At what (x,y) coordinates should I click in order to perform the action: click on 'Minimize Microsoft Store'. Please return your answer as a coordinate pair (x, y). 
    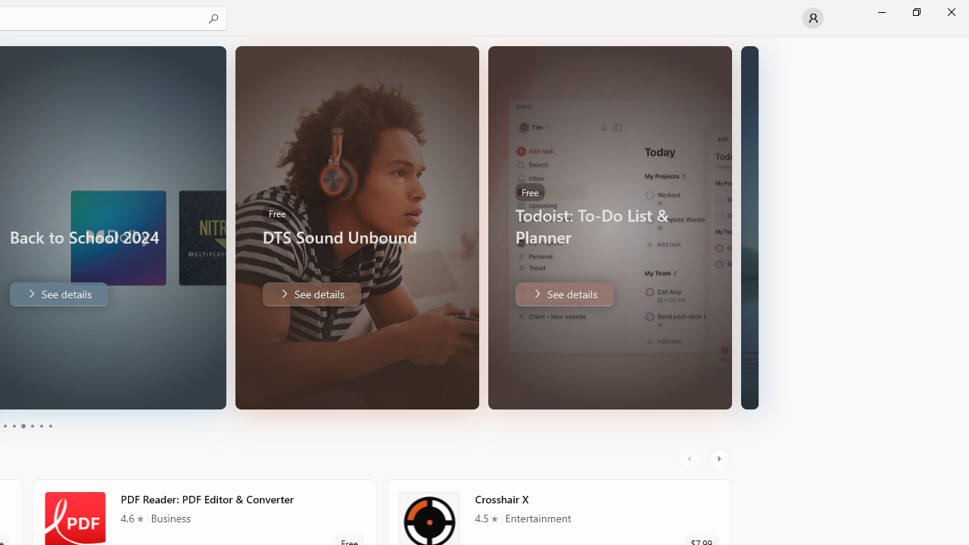
    Looking at the image, I should click on (881, 11).